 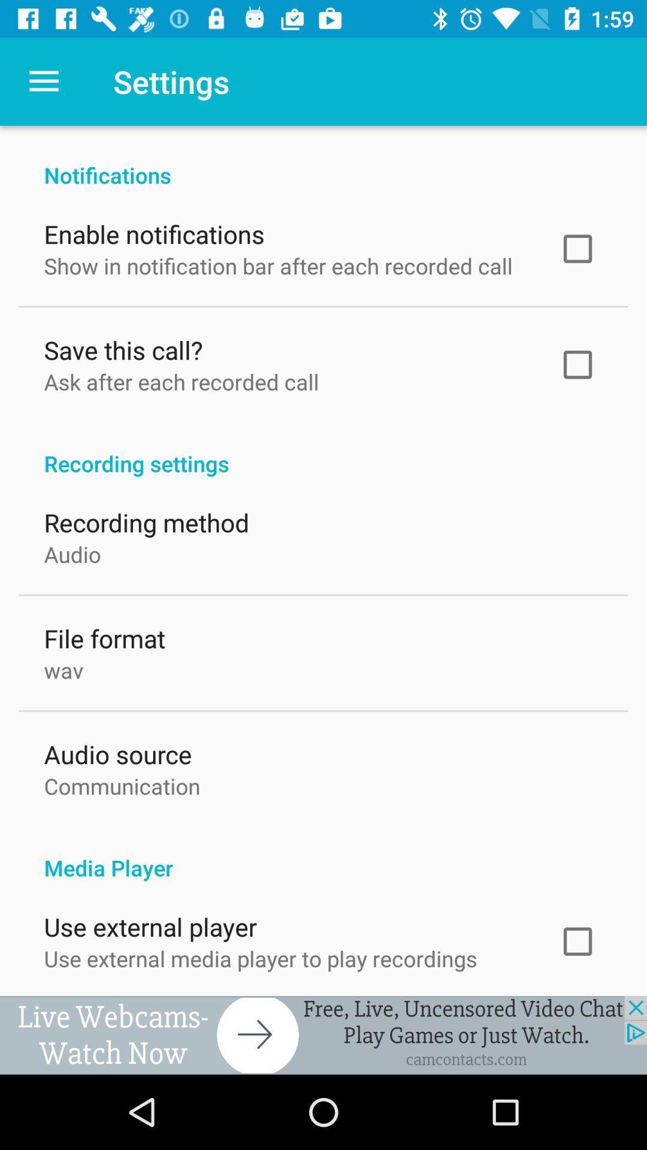 What do you see at coordinates (123, 346) in the screenshot?
I see `the item above ask after each` at bounding box center [123, 346].